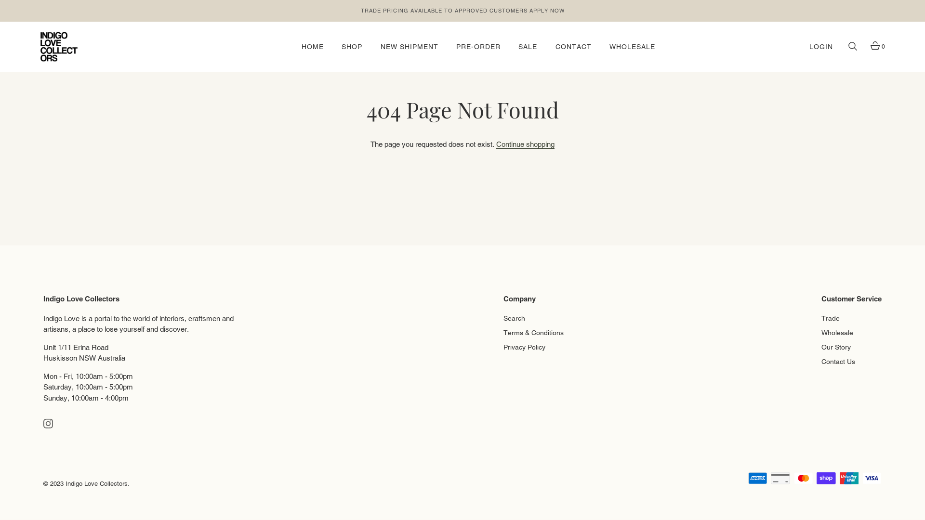 This screenshot has width=925, height=520. I want to click on 'Wholesale', so click(836, 330).